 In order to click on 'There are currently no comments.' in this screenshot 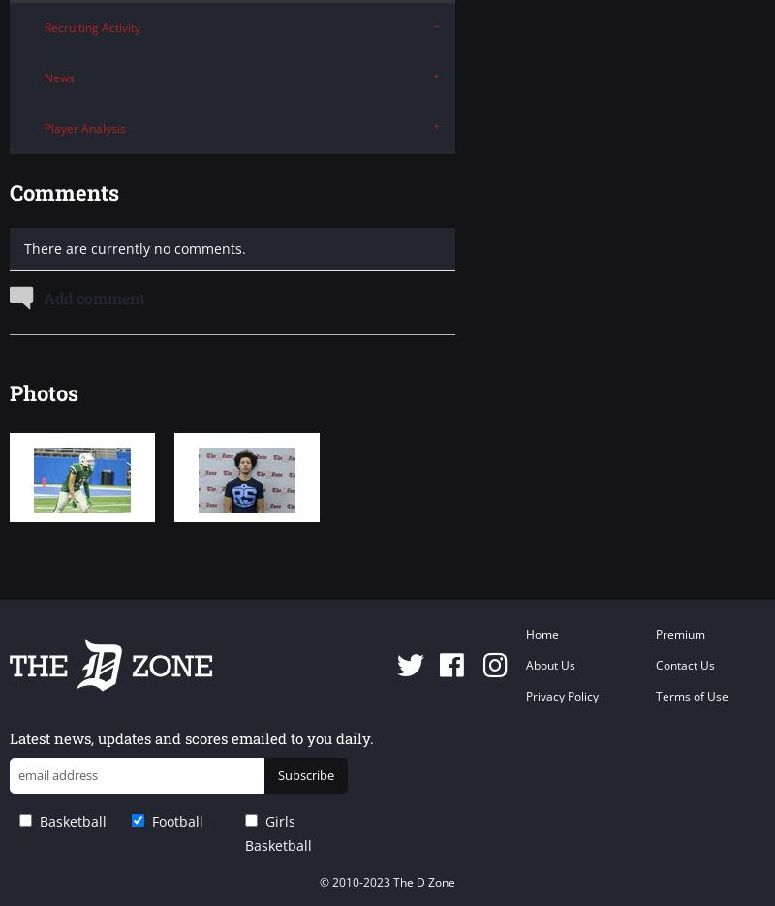, I will do `click(23, 247)`.